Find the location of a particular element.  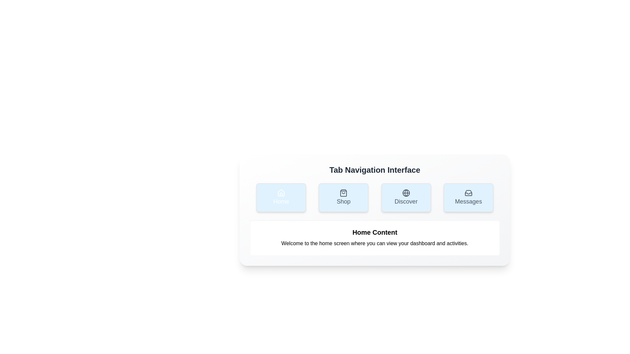

the 'Home Content' text display section, which includes the header 'Home Content' and a descriptive paragraph below it is located at coordinates (375, 238).